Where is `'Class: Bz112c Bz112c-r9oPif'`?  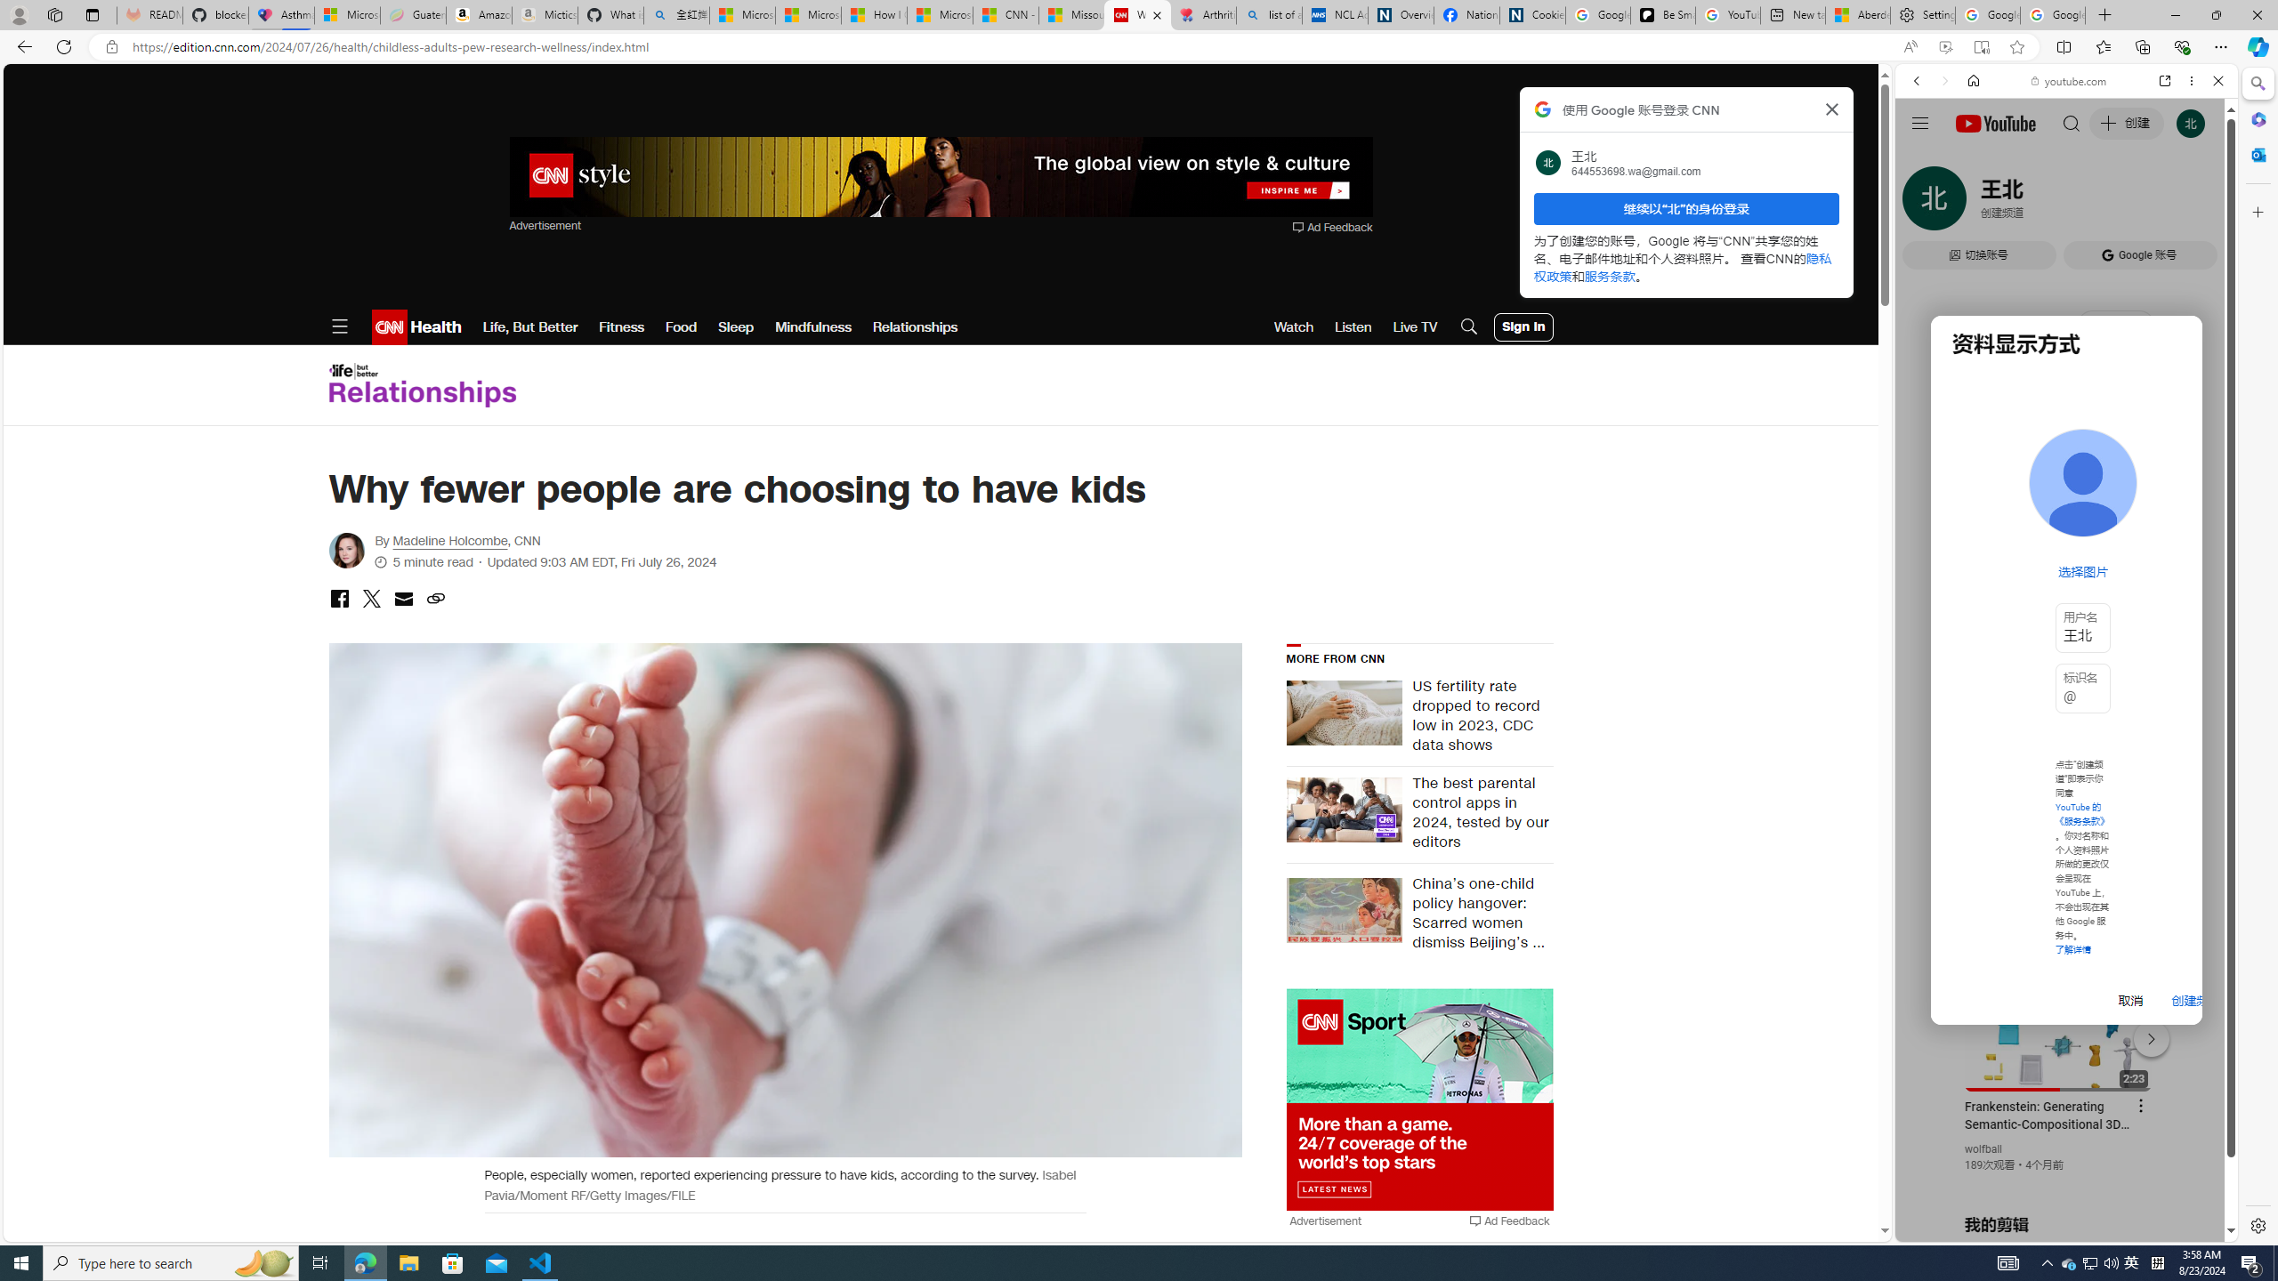 'Class: Bz112c Bz112c-r9oPif' is located at coordinates (1831, 109).